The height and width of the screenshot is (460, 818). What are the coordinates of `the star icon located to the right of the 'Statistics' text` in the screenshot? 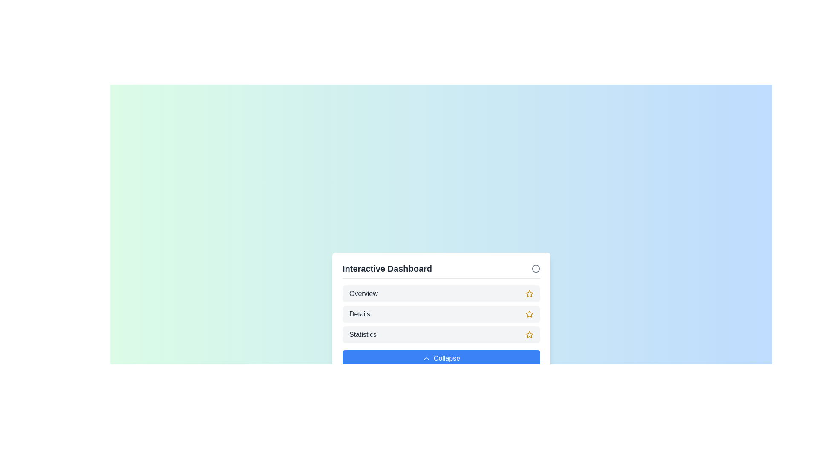 It's located at (529, 334).